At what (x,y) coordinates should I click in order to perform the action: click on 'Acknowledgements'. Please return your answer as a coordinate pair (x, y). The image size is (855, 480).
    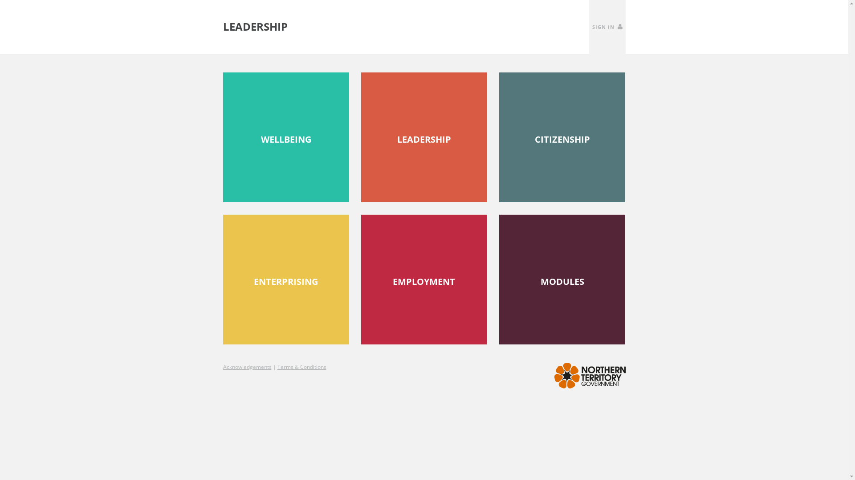
    Looking at the image, I should click on (247, 367).